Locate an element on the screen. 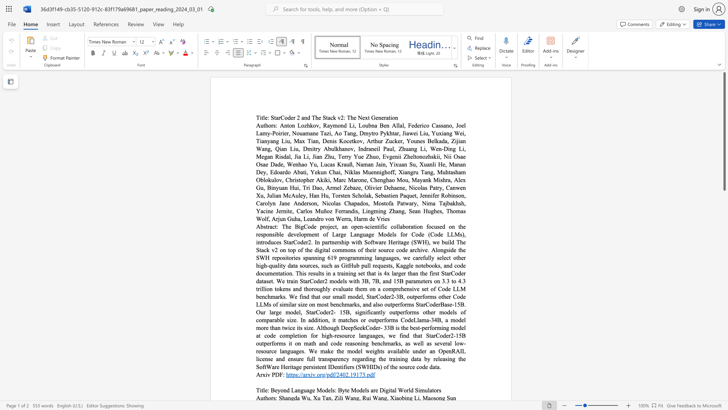 This screenshot has width=728, height=410. the 3th character "t" in the text is located at coordinates (369, 117).